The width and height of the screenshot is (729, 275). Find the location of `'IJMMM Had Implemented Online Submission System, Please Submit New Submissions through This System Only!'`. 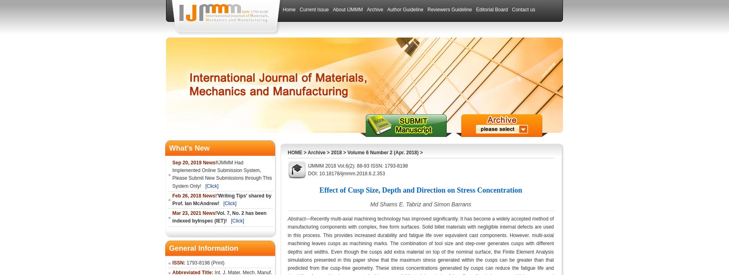

'IJMMM Had Implemented Online Submission System, Please Submit New Submissions through This System Only!' is located at coordinates (221, 174).